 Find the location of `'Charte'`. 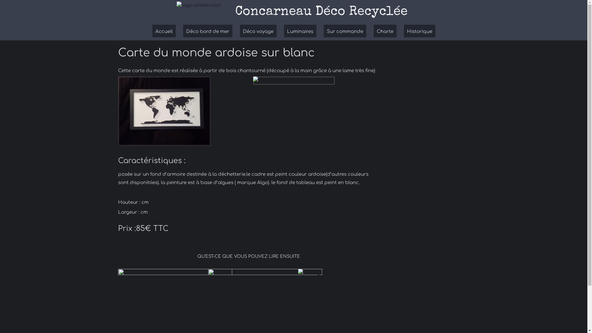

'Charte' is located at coordinates (384, 31).